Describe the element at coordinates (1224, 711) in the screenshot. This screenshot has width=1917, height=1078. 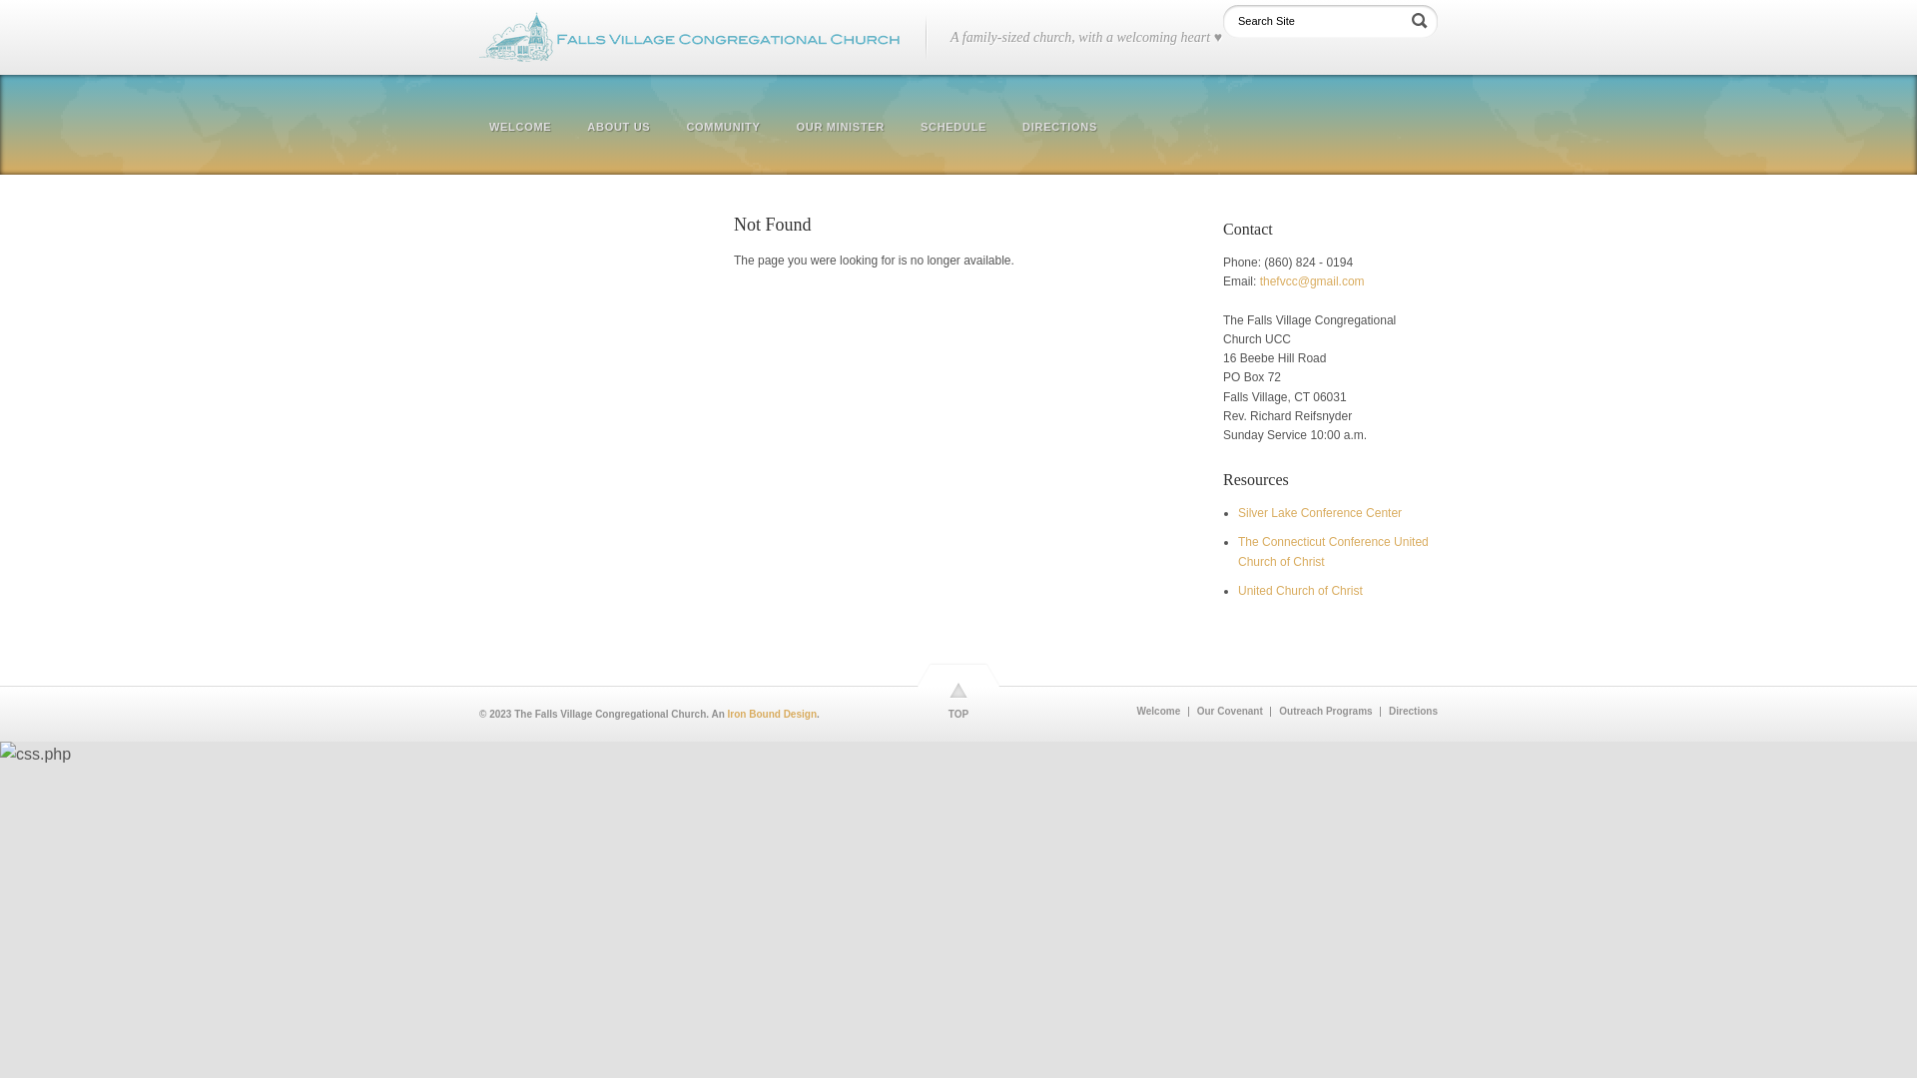
I see `'Our Covenant'` at that location.